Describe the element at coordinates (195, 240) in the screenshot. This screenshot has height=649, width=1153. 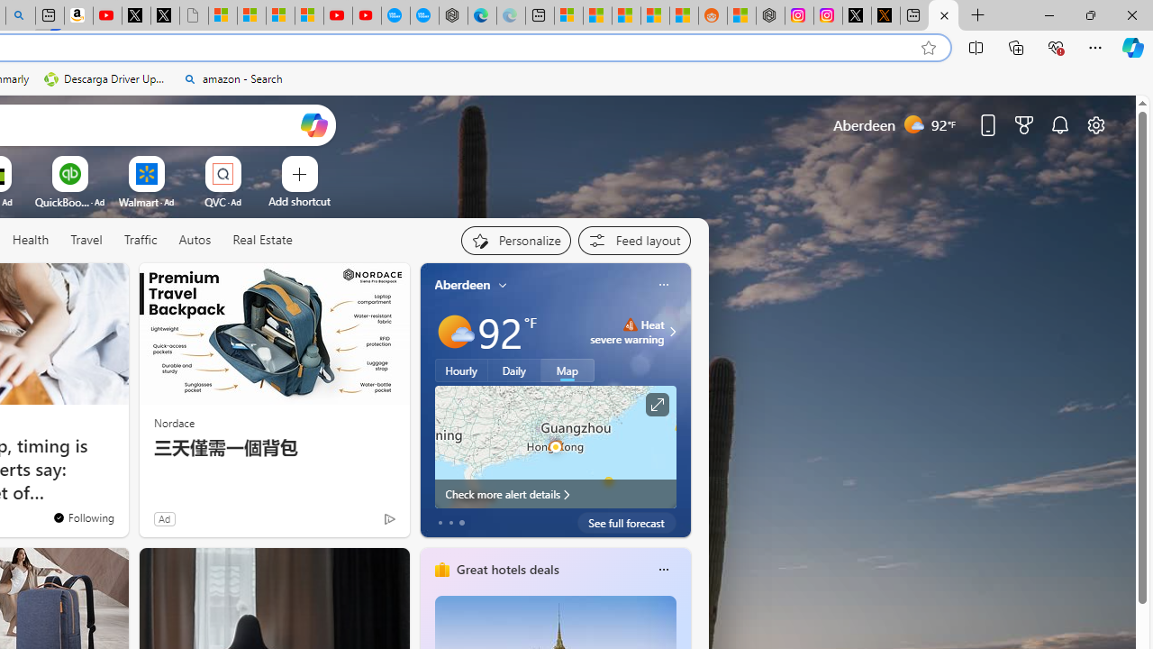
I see `'Autos'` at that location.